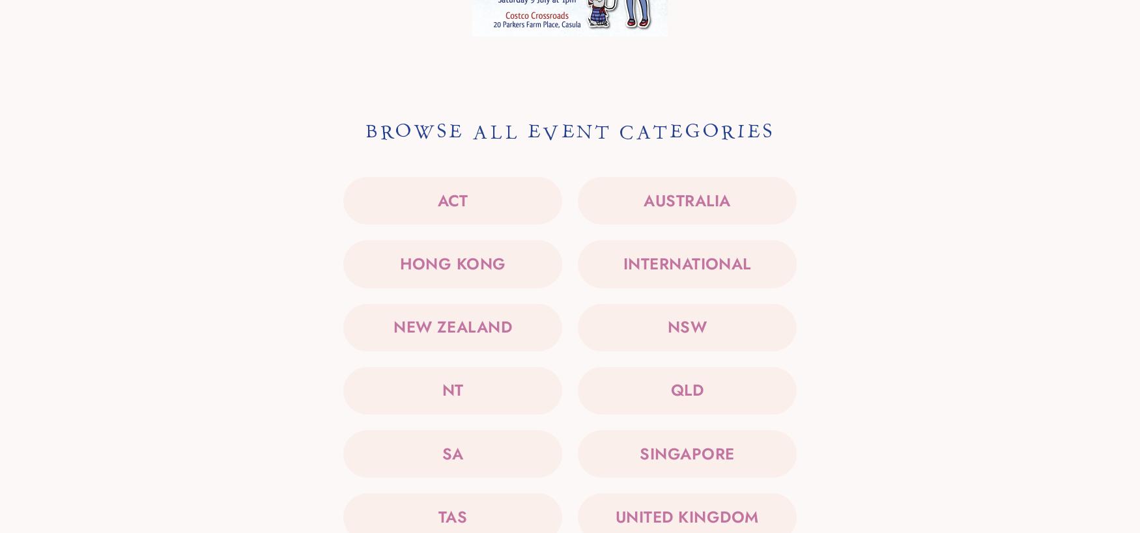 This screenshot has height=533, width=1140. Describe the element at coordinates (452, 262) in the screenshot. I see `'Hong Kong'` at that location.